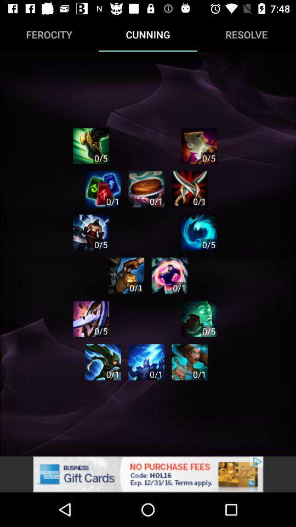  What do you see at coordinates (198, 232) in the screenshot?
I see `theme option` at bounding box center [198, 232].